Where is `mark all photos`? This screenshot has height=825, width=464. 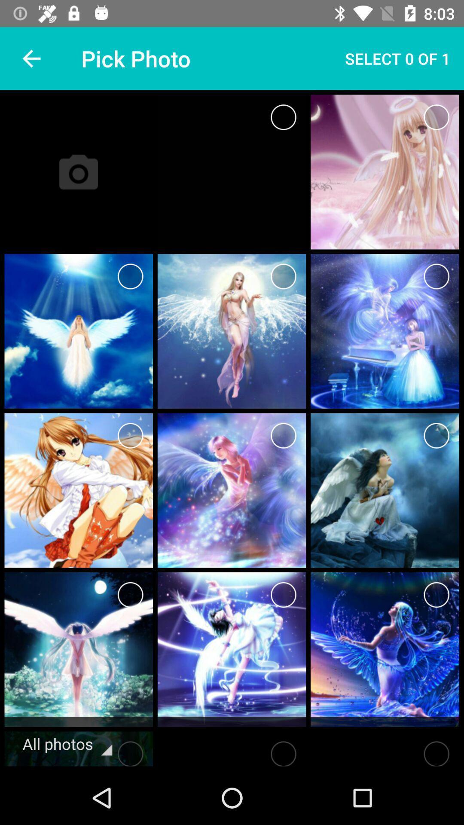
mark all photos is located at coordinates (130, 751).